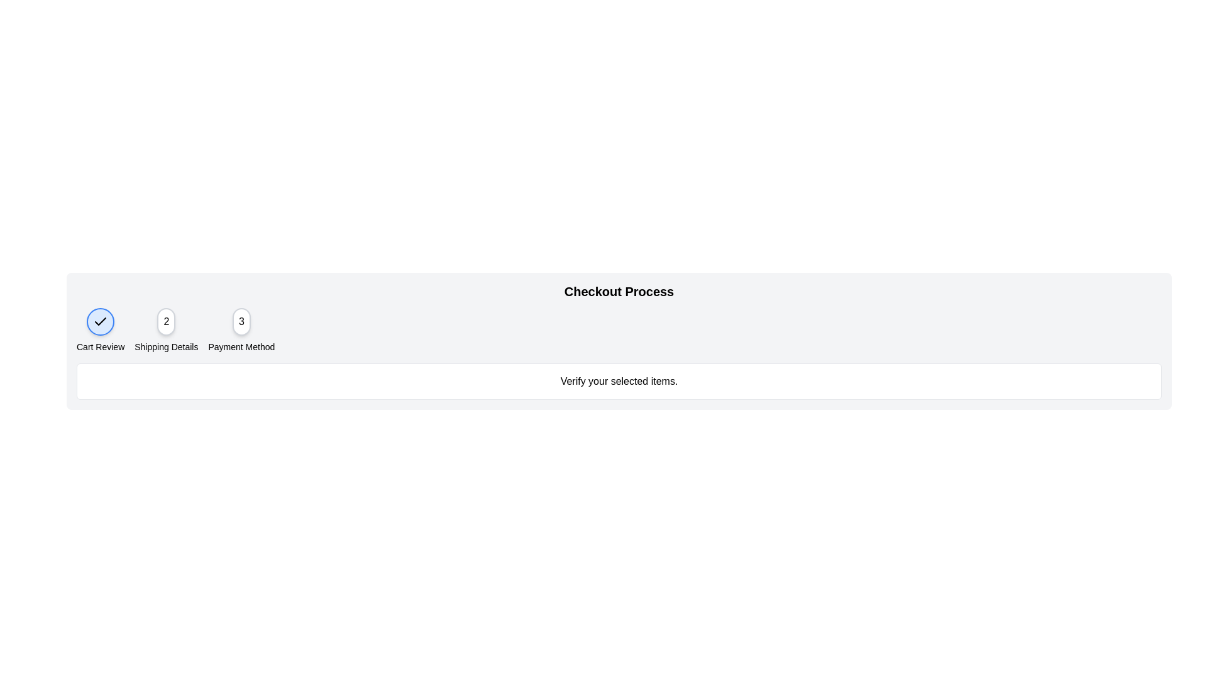  I want to click on the step indicator for the second step labeled 'Shipping Details' in the multi-step progress bar, so click(165, 321).